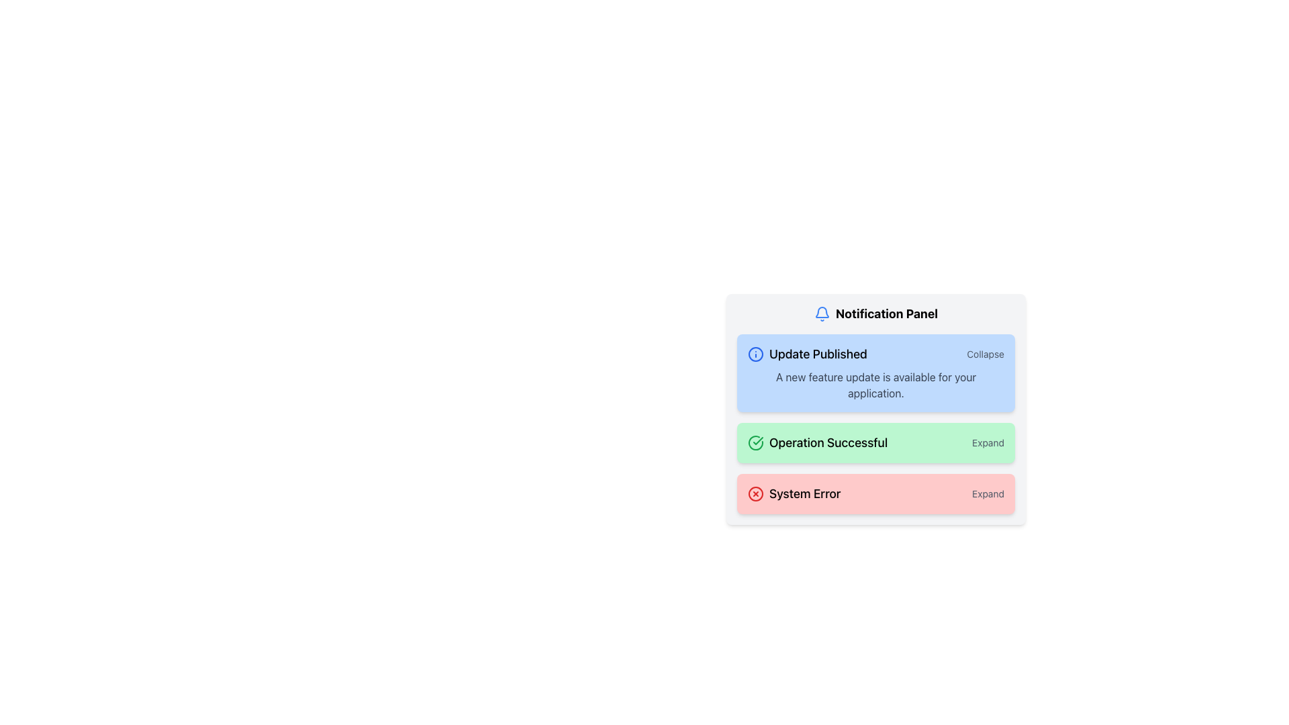 This screenshot has height=725, width=1289. Describe the element at coordinates (876, 385) in the screenshot. I see `the informational text within the blue notification card titled 'Update Published' in the notification panel, located below the title and above additional interaction options` at that location.